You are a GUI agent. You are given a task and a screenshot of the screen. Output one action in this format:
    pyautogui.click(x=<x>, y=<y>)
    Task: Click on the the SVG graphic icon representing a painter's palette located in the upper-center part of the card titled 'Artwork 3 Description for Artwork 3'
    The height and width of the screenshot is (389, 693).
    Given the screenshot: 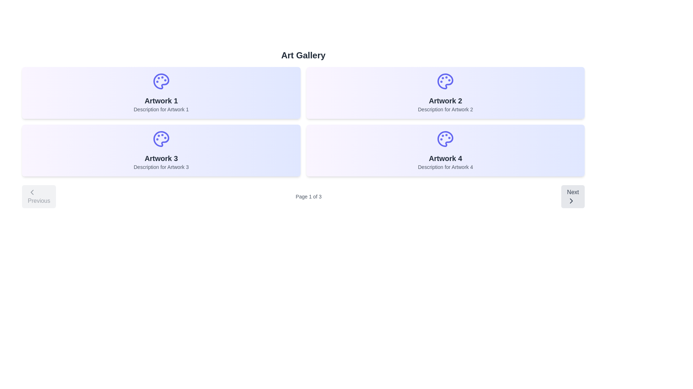 What is the action you would take?
    pyautogui.click(x=161, y=139)
    